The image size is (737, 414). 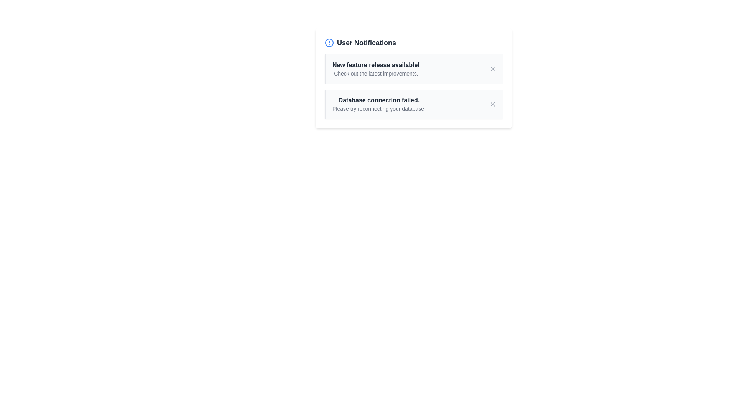 I want to click on the small blue circle within the SVG structure that represents an alert or notification, located to the left of the header text 'User Notifications', so click(x=329, y=43).